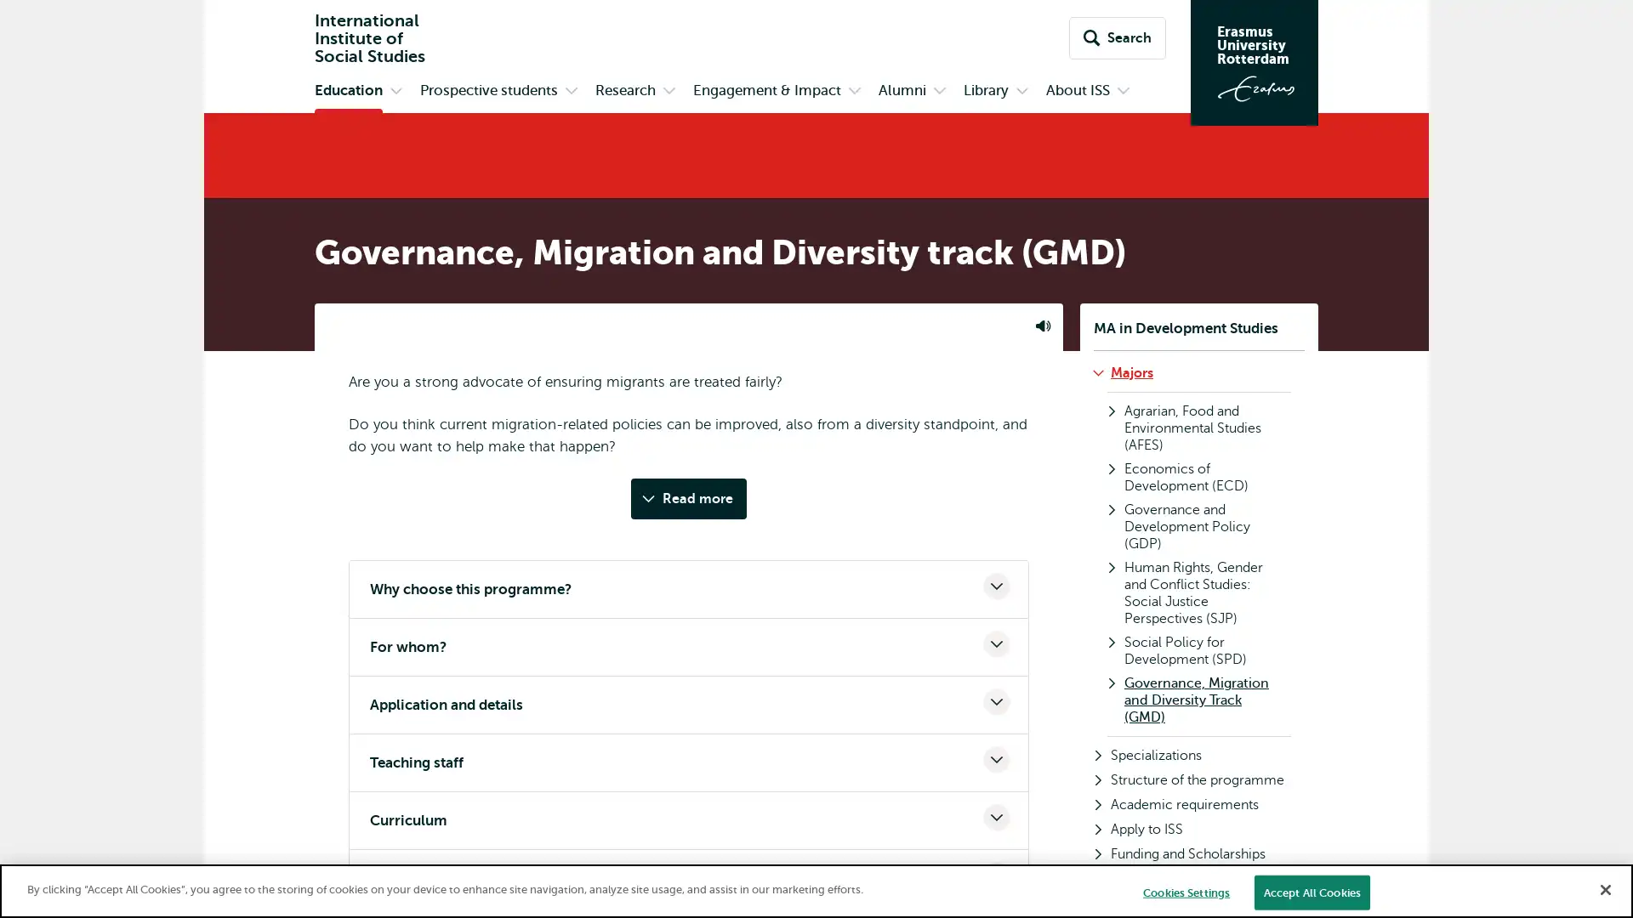  I want to click on Accept All Cookies, so click(1311, 891).